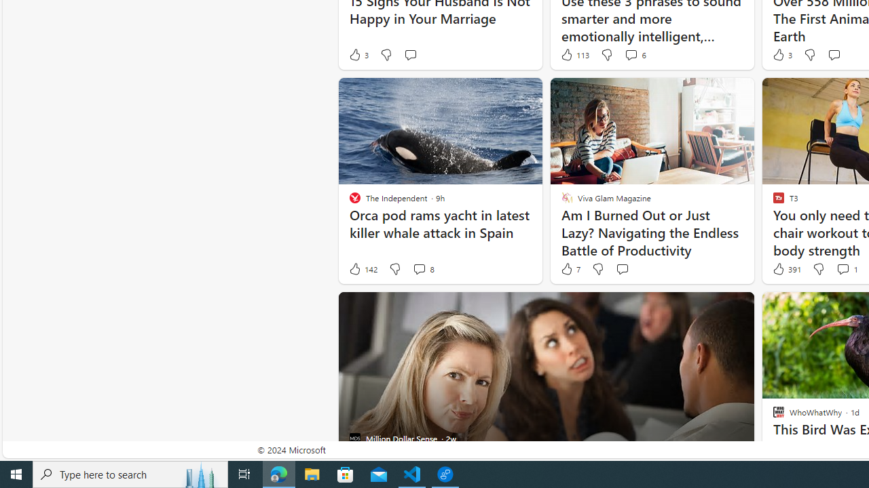 The height and width of the screenshot is (488, 869). I want to click on 'View comments 1 Comment', so click(846, 269).